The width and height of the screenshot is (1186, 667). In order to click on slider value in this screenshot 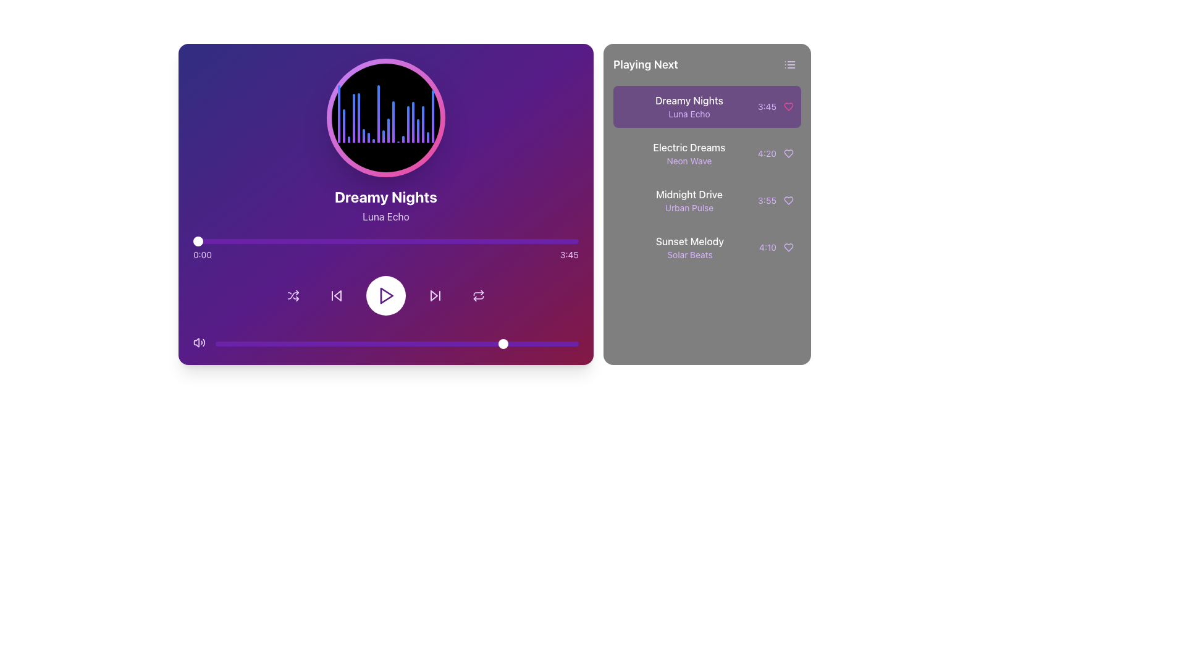, I will do `click(222, 343)`.